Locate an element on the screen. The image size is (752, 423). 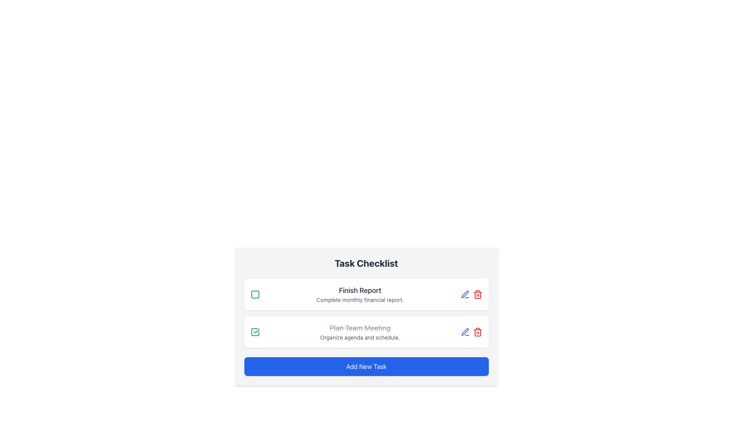
the 'Add New Task' button located at the bottom of the 'Task Checklist' section is located at coordinates (366, 367).